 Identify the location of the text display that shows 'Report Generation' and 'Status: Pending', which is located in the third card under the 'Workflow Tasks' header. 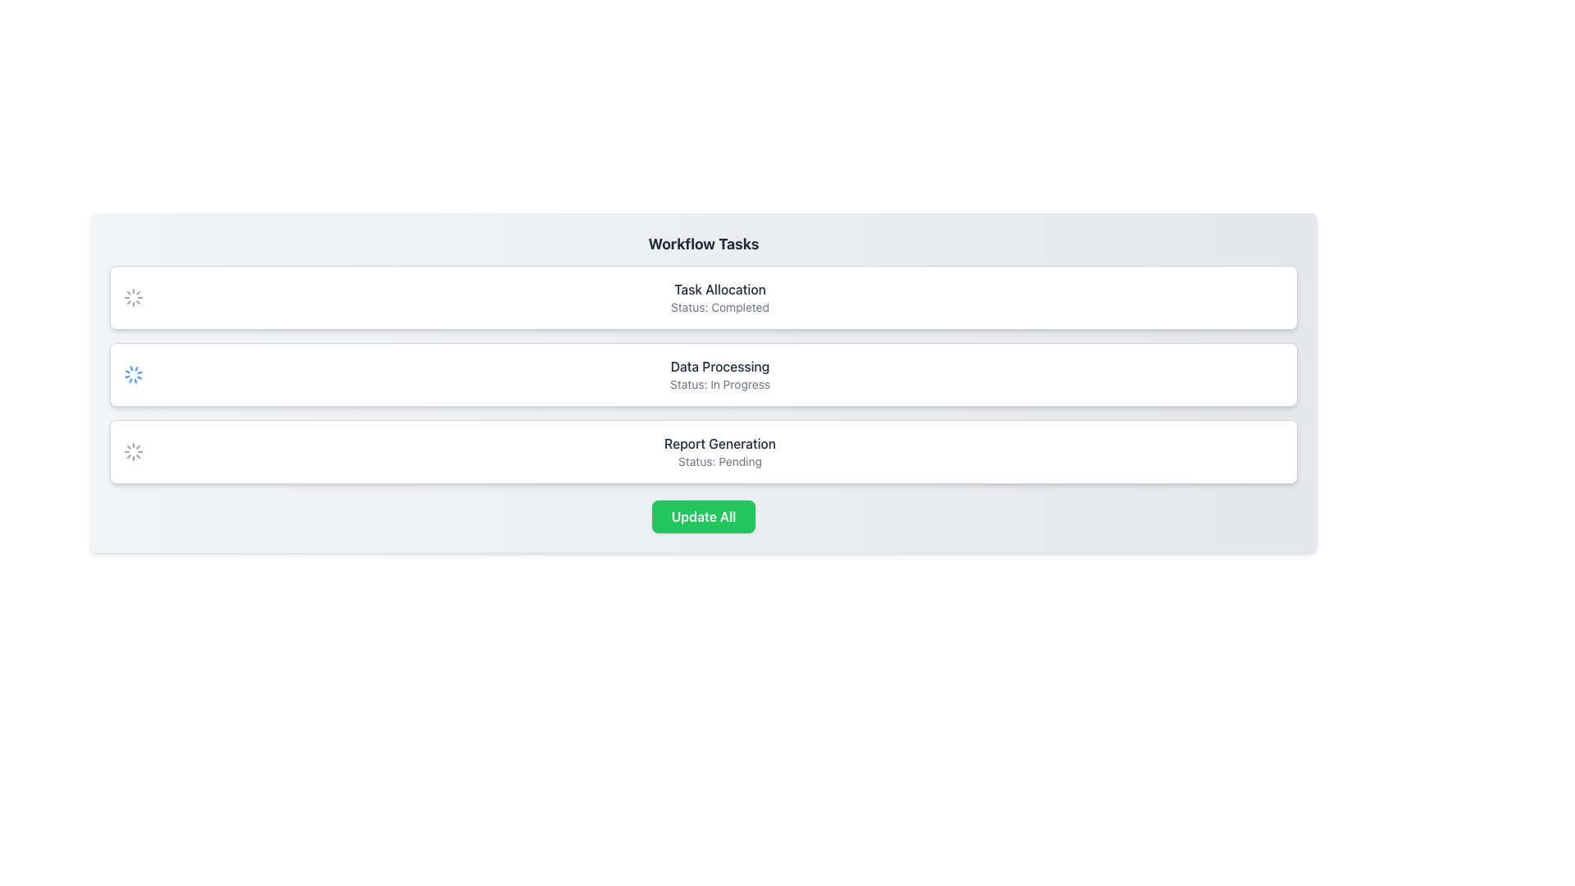
(720, 452).